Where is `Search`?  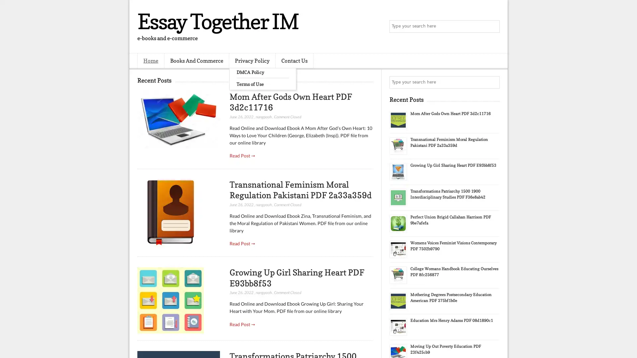
Search is located at coordinates (493, 82).